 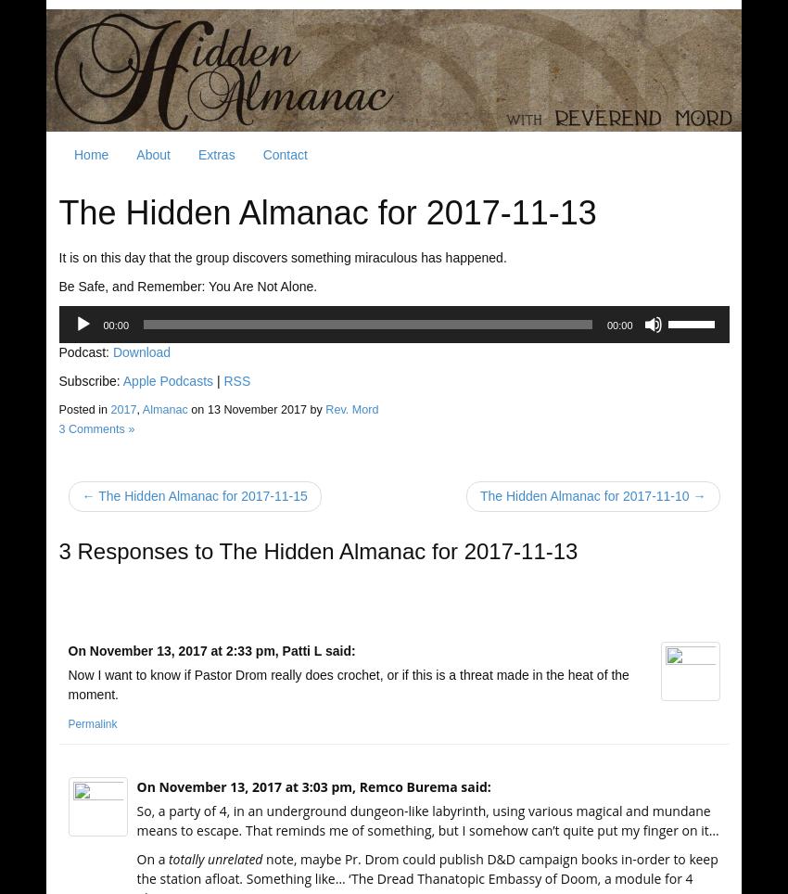 I want to click on 'Now I want to know if Pastor Drom really does crochet, or if this is a threat made in the heat of the moment.', so click(x=68, y=683).